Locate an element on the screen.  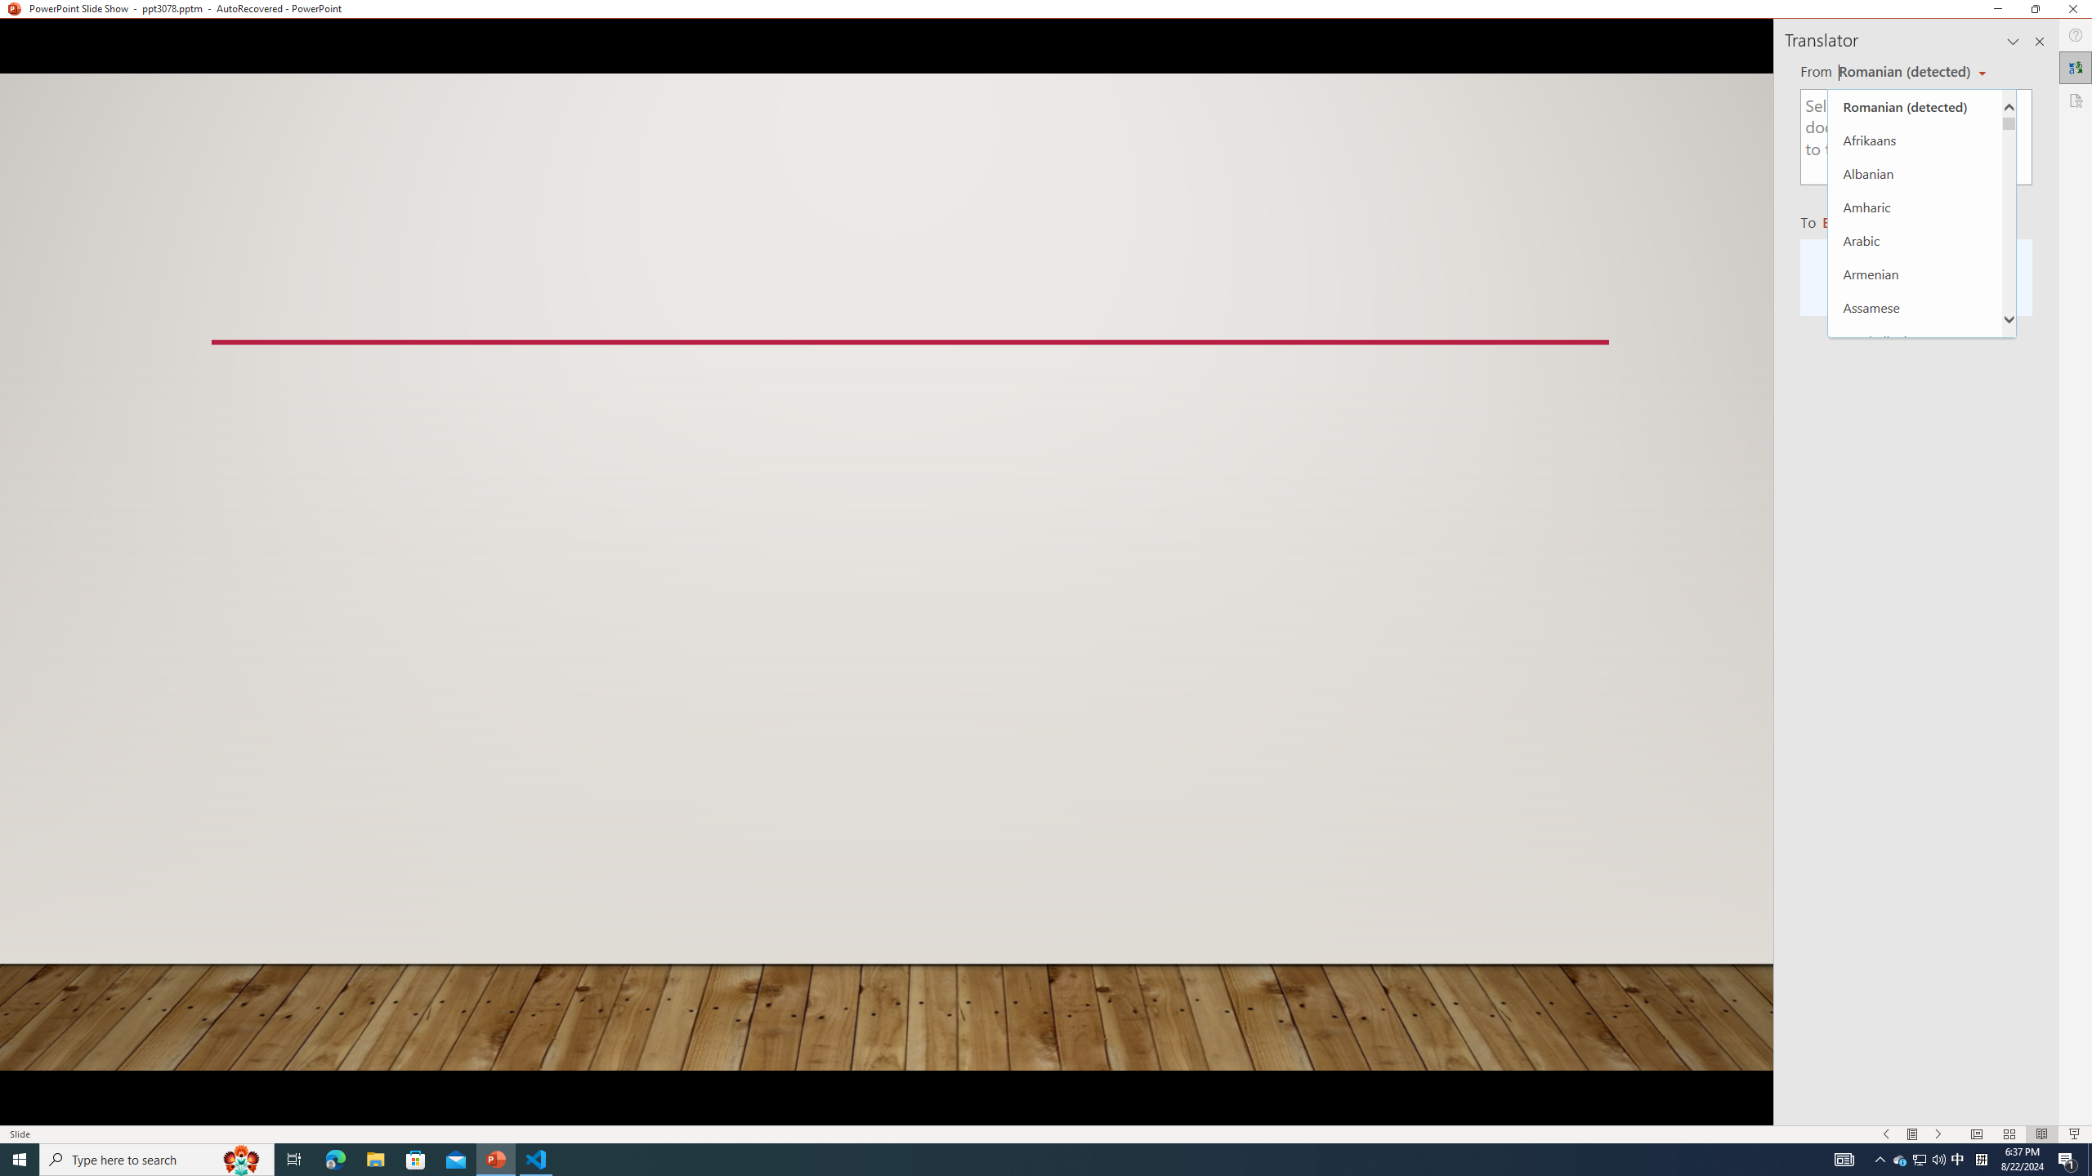
'Chhattisgarhi' is located at coordinates (1915, 675).